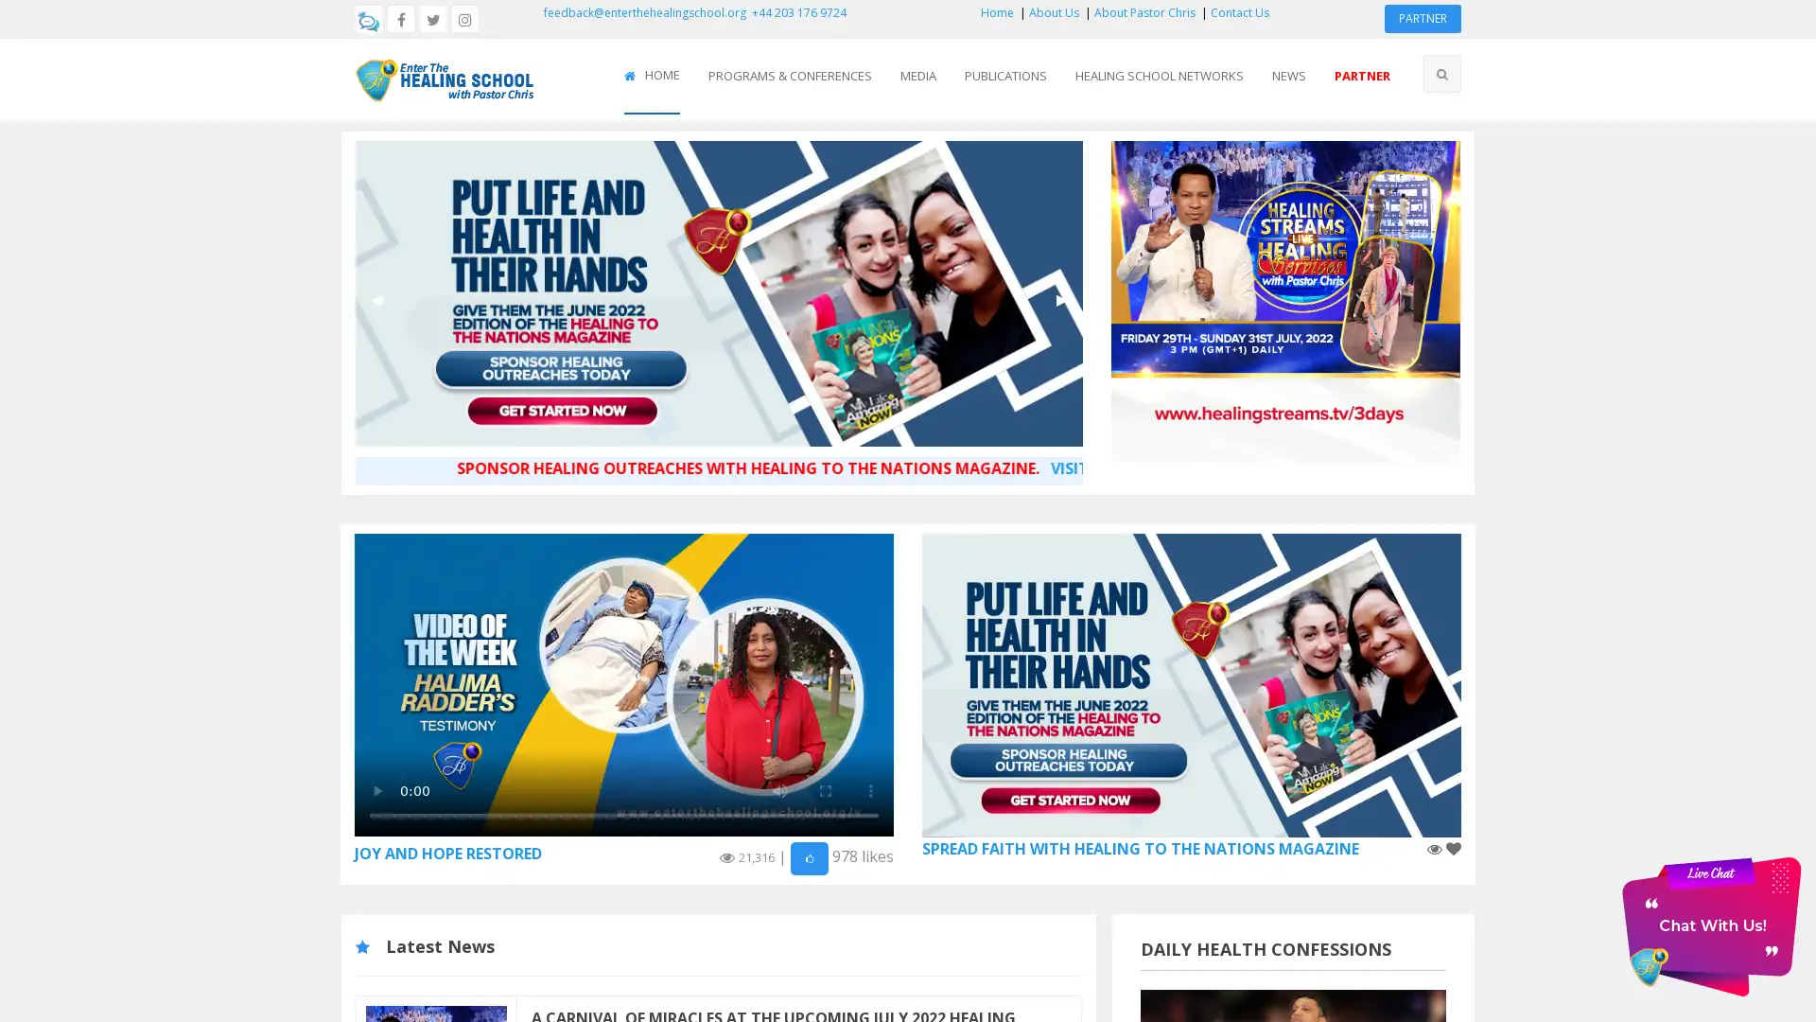  I want to click on play, so click(376, 791).